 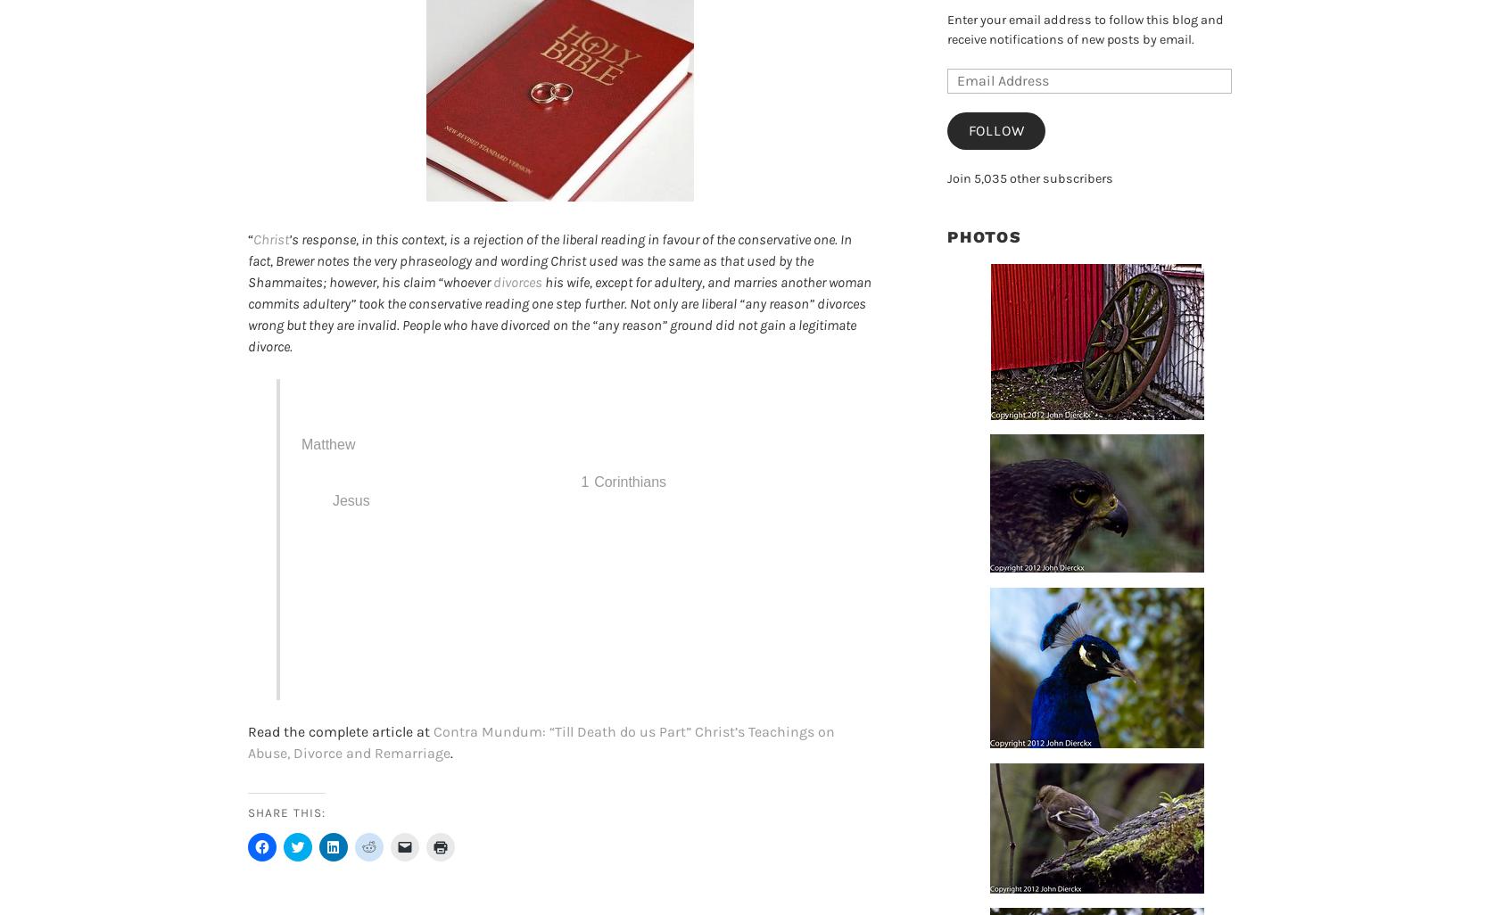 I want to click on 'his wife, except for adultery, and marries another woman commits adultery” took the conservative reading one step further. Not only are liberal “any reason” divorces wrong but they are invalid. People who have divorced on the “any reason” ground did not gain a legitimate divorce.', so click(x=247, y=314).